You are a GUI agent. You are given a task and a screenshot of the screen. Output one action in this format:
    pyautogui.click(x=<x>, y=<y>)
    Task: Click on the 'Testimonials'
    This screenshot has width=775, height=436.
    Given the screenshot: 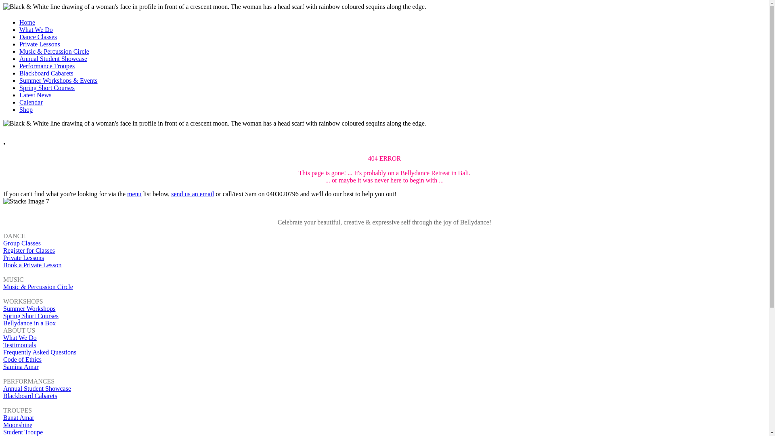 What is the action you would take?
    pyautogui.click(x=19, y=345)
    